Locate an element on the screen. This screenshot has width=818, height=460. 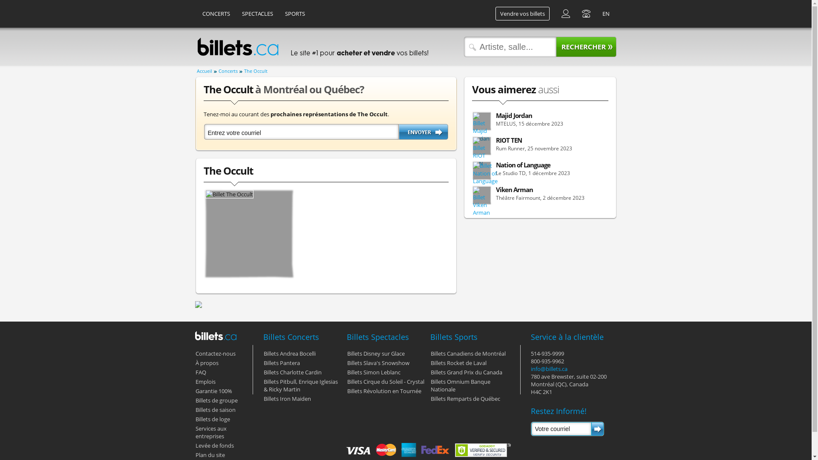
'Billets Pantera' is located at coordinates (281, 363).